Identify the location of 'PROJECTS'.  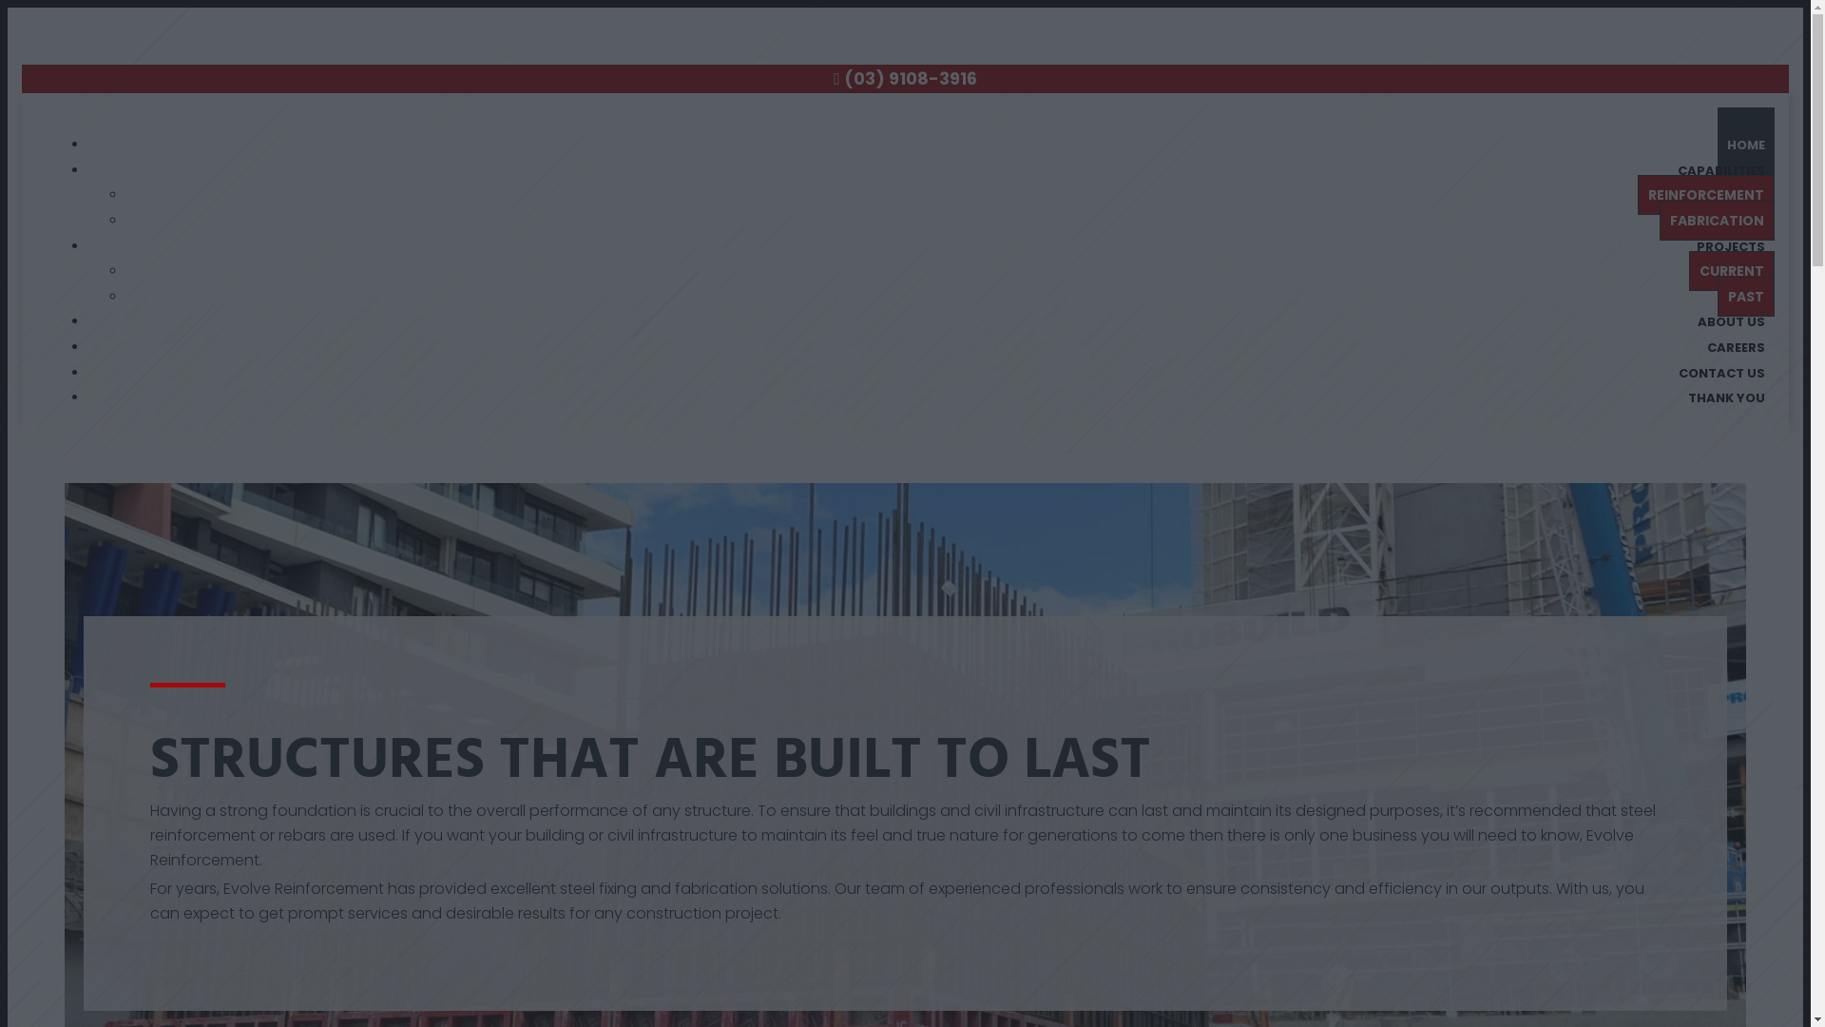
(1730, 245).